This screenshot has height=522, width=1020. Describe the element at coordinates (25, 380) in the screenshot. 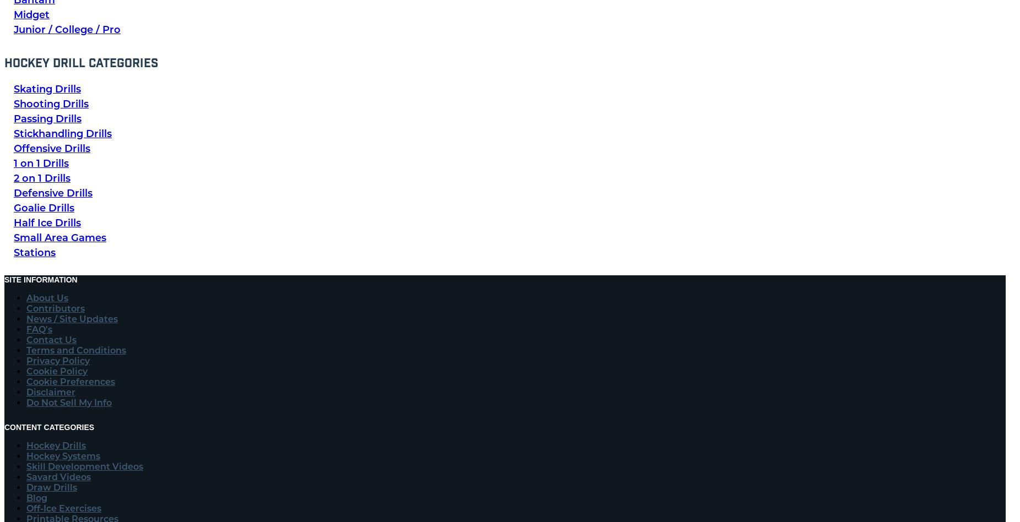

I see `'Cookie Preferences'` at that location.